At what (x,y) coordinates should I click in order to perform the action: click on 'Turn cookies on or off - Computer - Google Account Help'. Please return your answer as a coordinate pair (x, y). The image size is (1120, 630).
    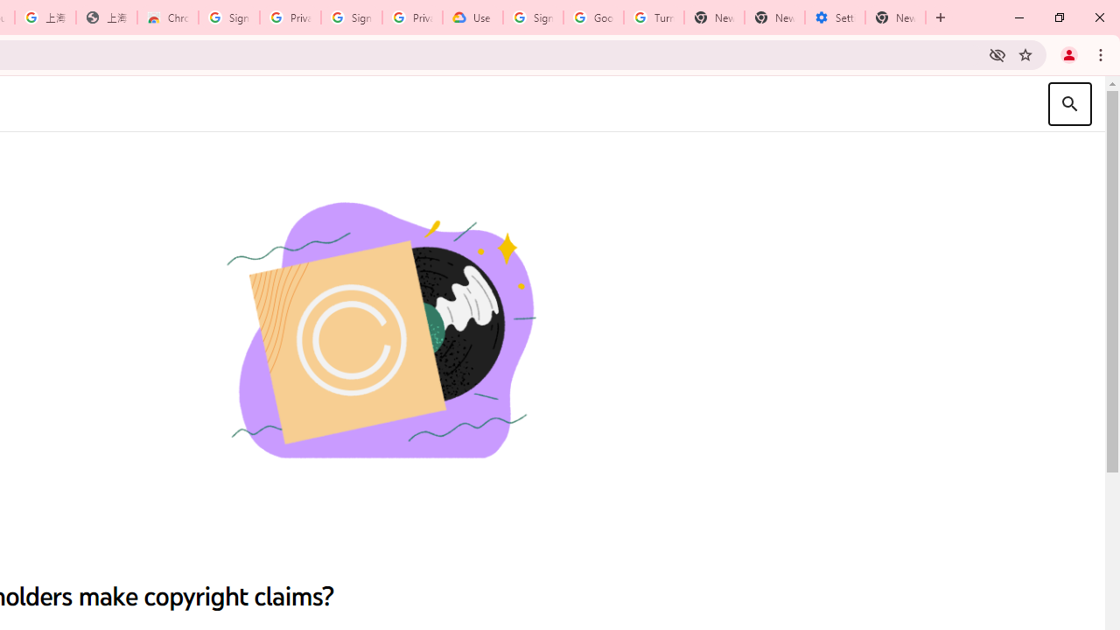
    Looking at the image, I should click on (653, 17).